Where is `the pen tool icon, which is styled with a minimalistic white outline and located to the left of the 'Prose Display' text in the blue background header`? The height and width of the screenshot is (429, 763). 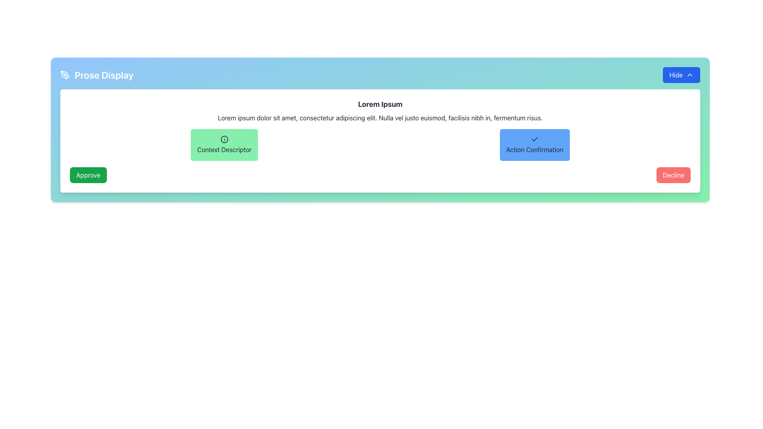
the pen tool icon, which is styled with a minimalistic white outline and located to the left of the 'Prose Display' text in the blue background header is located at coordinates (65, 75).